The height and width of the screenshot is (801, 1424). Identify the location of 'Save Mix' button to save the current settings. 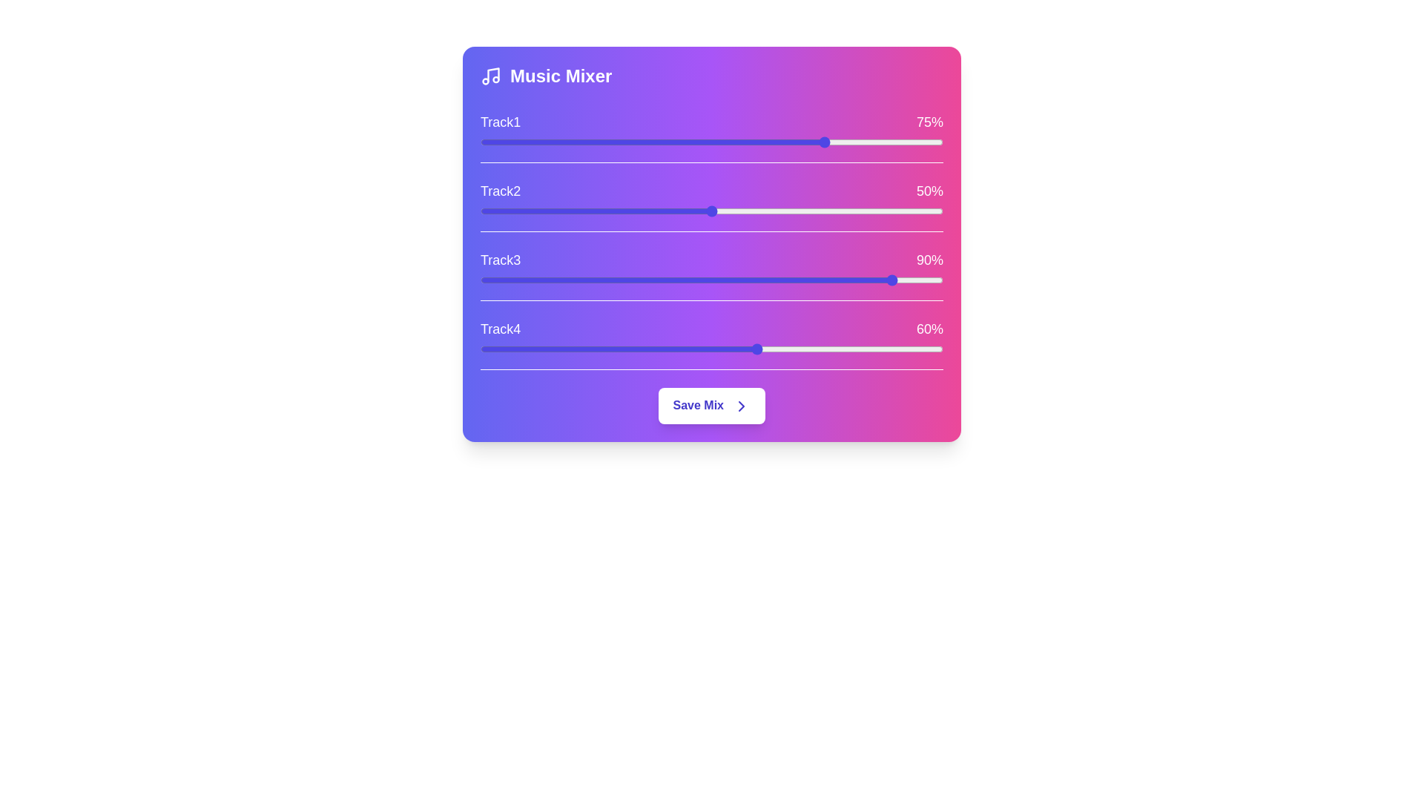
(712, 406).